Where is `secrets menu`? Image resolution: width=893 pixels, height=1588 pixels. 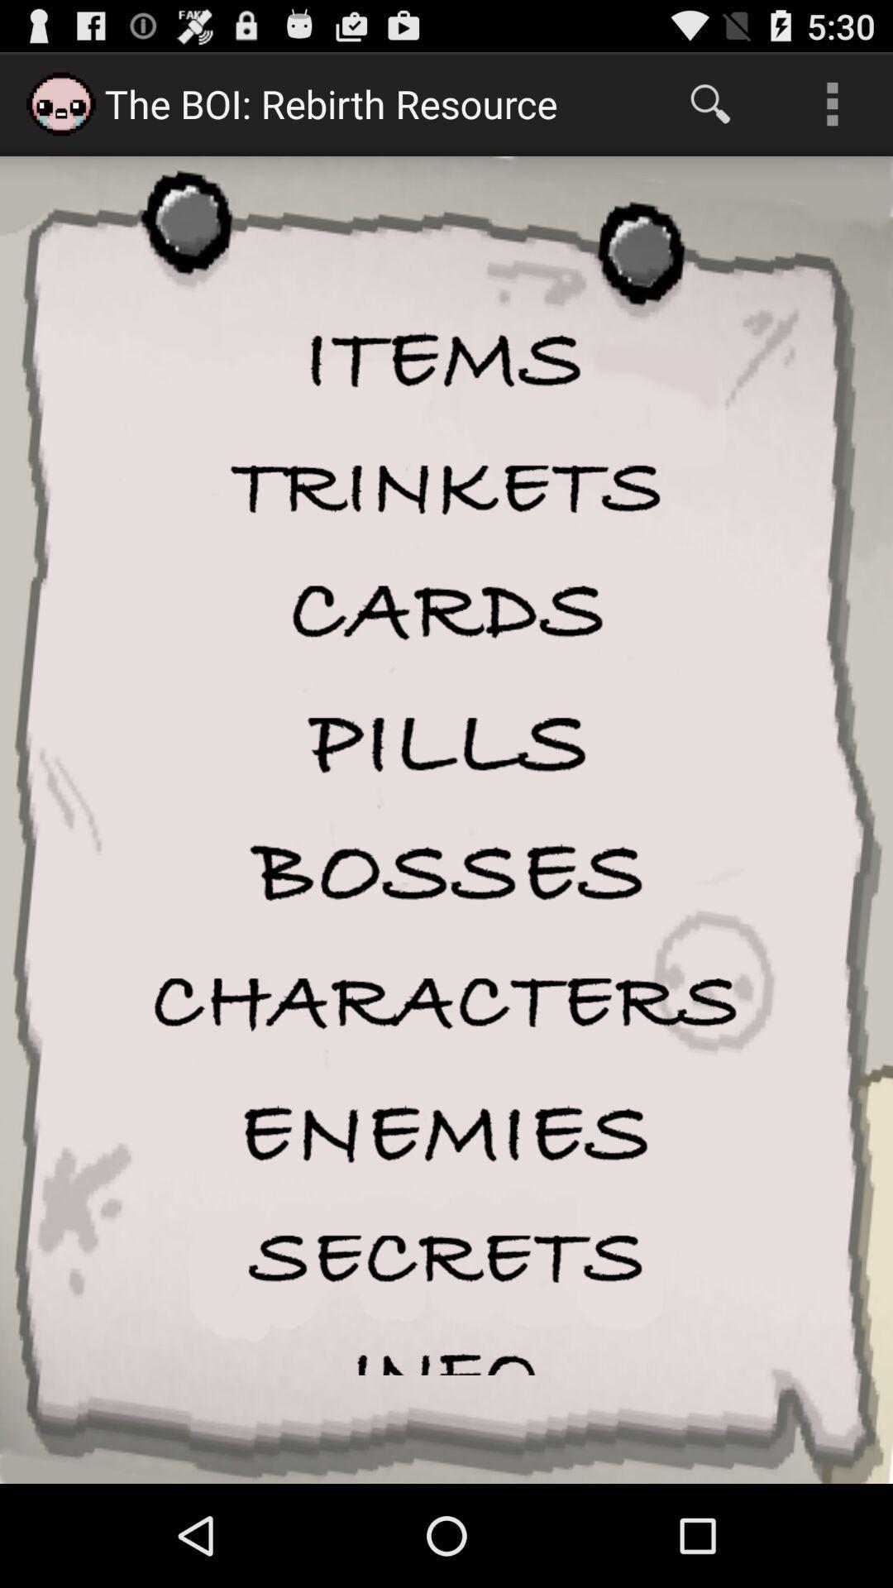
secrets menu is located at coordinates (446, 1257).